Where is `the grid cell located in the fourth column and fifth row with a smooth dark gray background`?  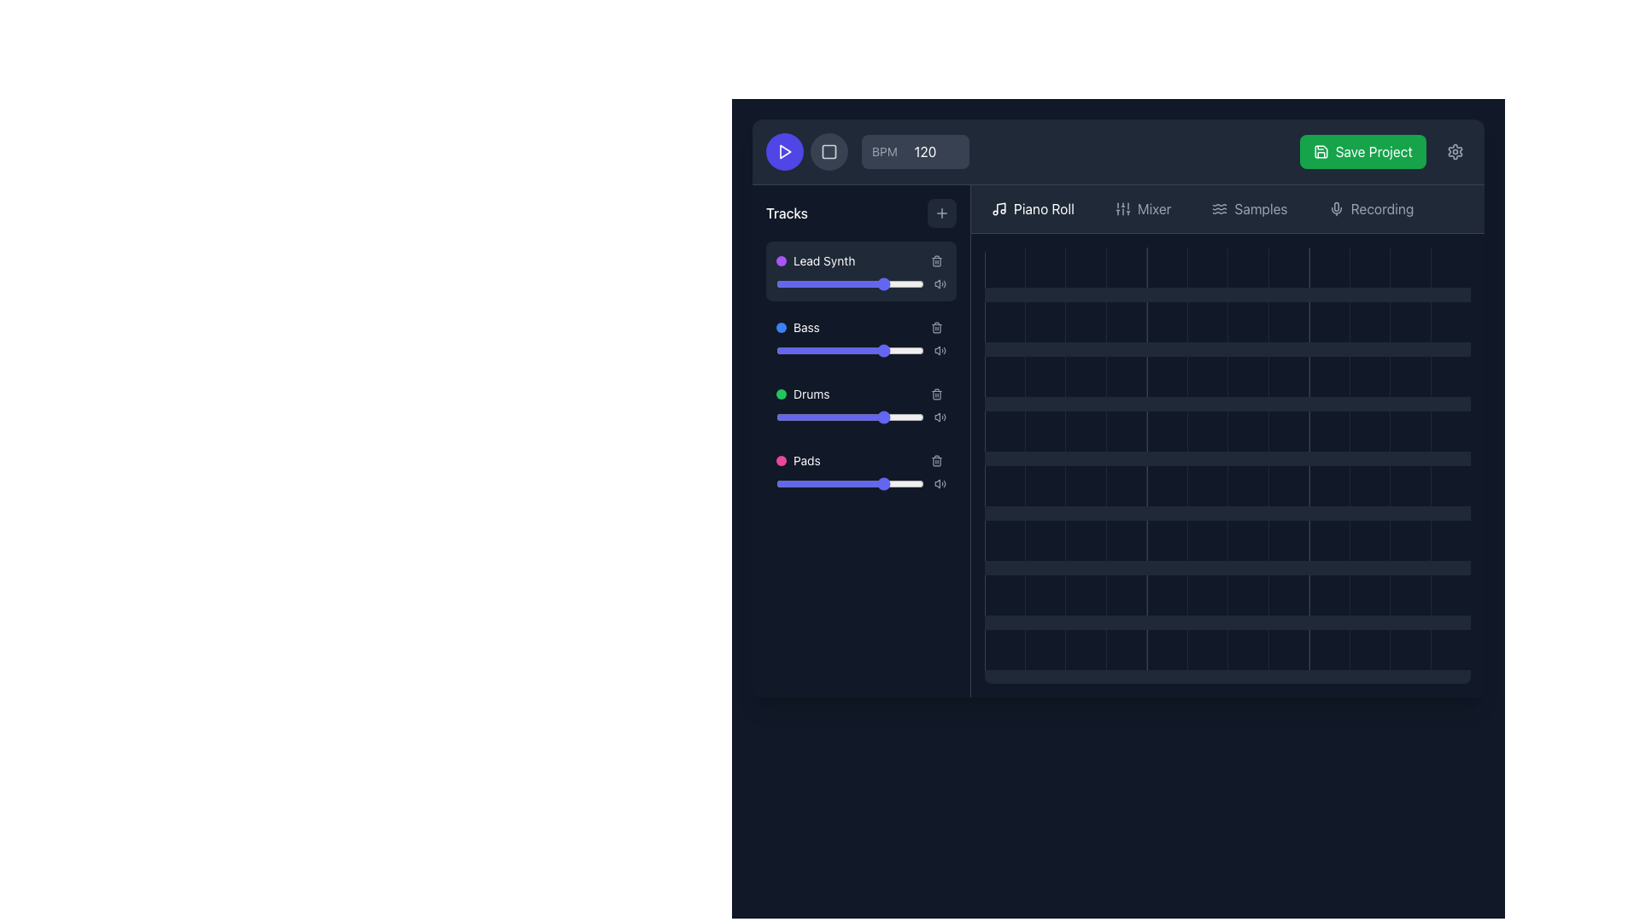 the grid cell located in the fourth column and fifth row with a smooth dark gray background is located at coordinates (1085, 486).